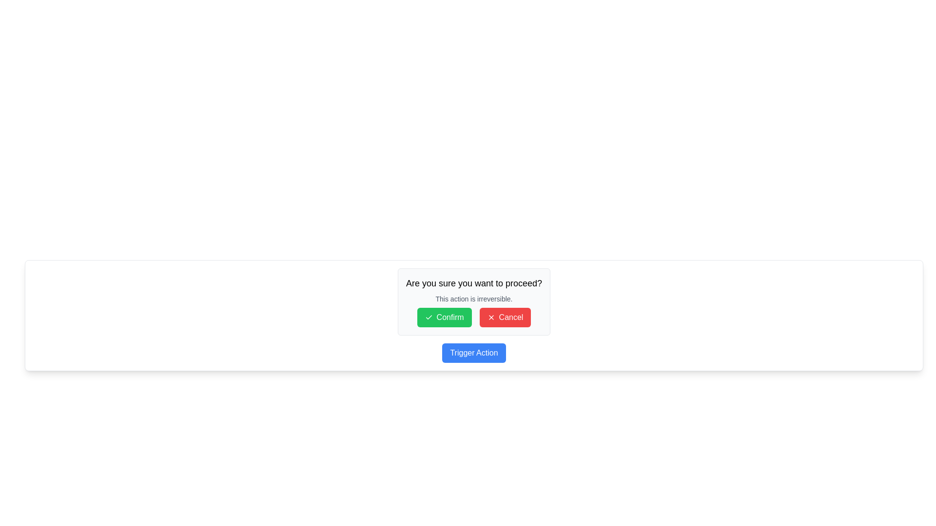 The image size is (936, 526). What do you see at coordinates (429, 317) in the screenshot?
I see `the checkmark icon located at the leftmost side of the 'Confirm' button, which is part of the green button below the 'Are you sure you want to proceed?' dialog` at bounding box center [429, 317].